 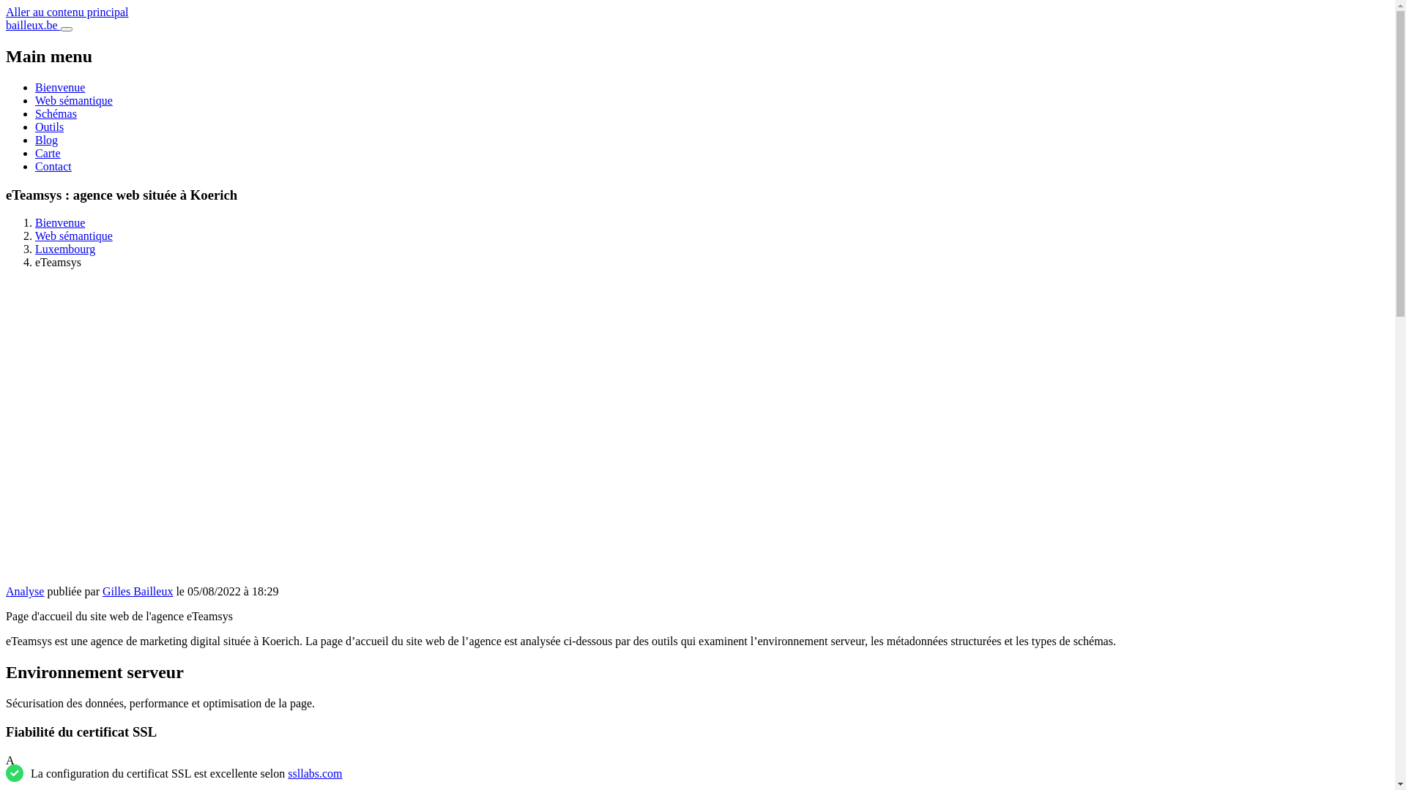 I want to click on 'Blog', so click(x=46, y=140).